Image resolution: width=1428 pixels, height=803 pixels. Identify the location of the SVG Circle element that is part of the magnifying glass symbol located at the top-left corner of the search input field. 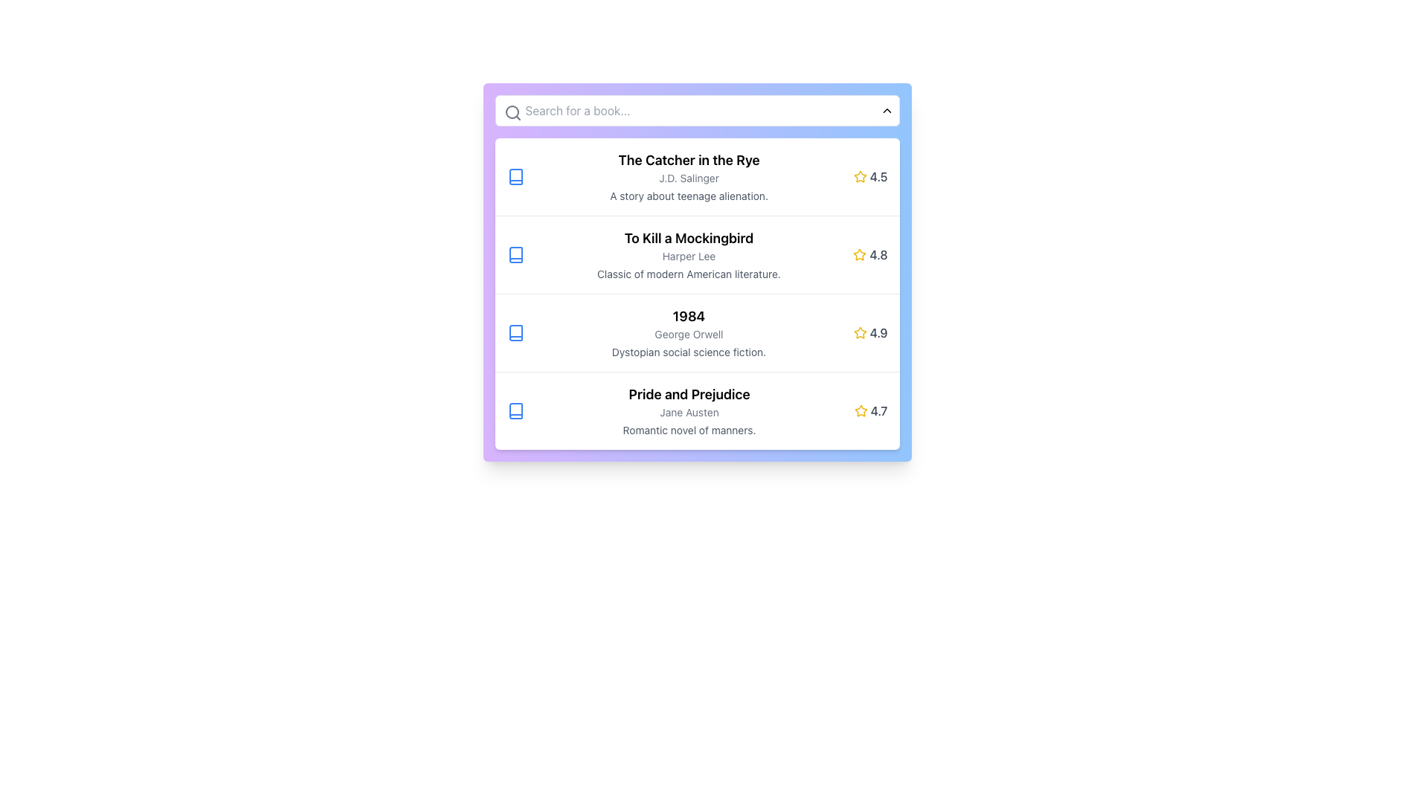
(512, 111).